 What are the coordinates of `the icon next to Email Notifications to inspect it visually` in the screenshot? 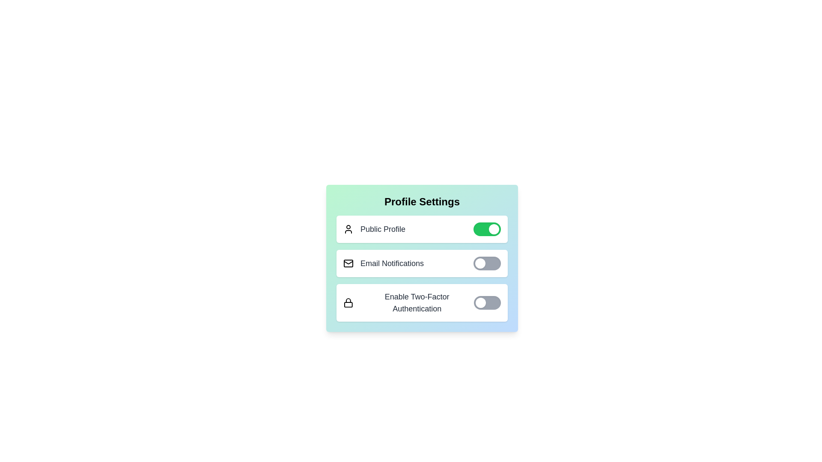 It's located at (348, 263).